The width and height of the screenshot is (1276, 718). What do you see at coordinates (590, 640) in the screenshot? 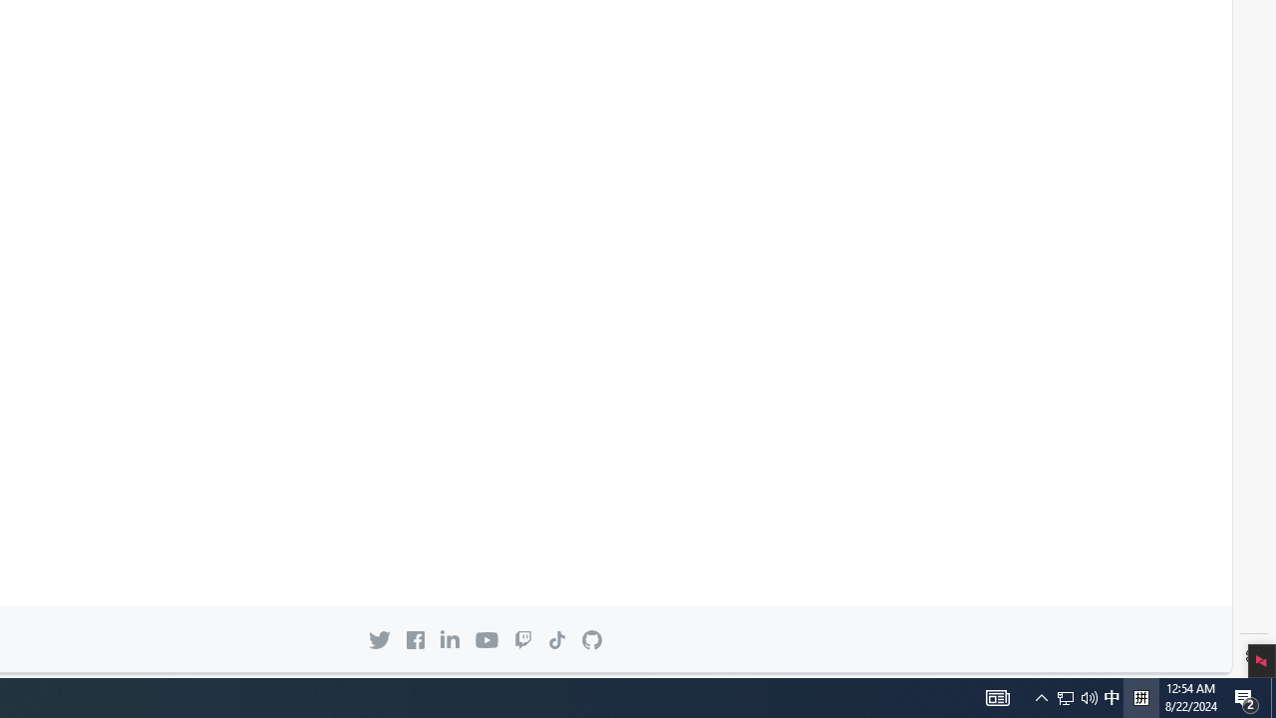
I see `'GitHub mark'` at bounding box center [590, 640].